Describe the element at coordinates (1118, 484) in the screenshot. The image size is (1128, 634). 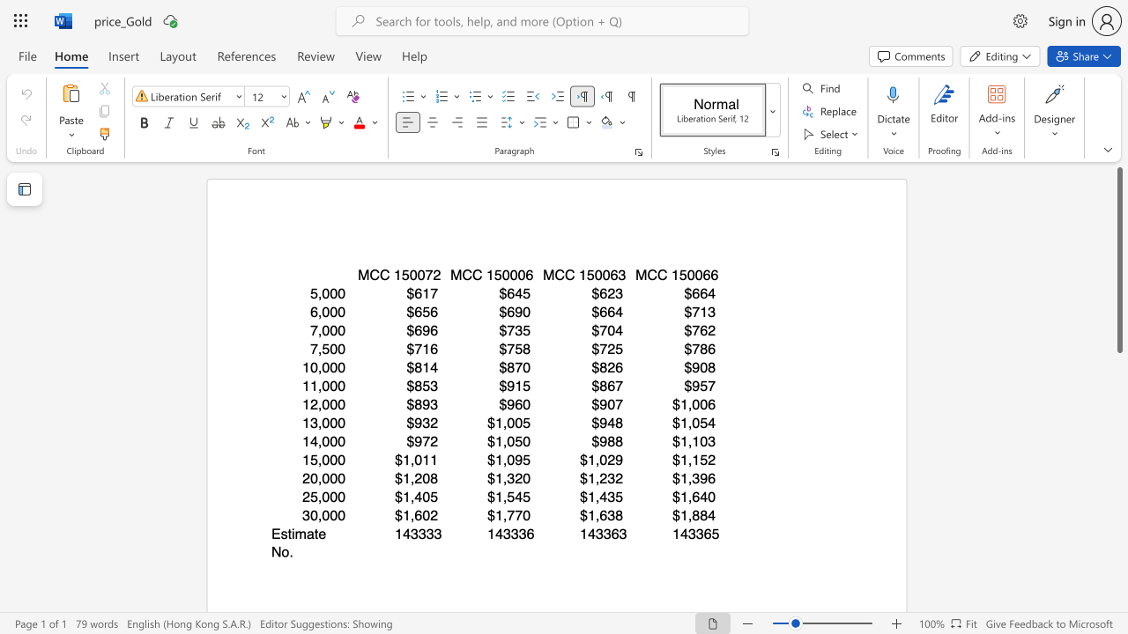
I see `the scrollbar to move the content lower` at that location.